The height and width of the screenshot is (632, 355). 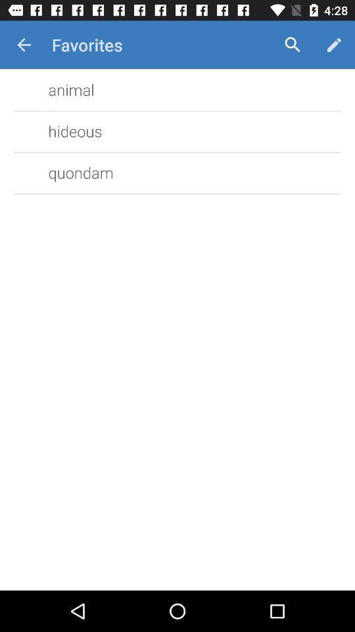 I want to click on item to the left of favorites icon, so click(x=24, y=45).